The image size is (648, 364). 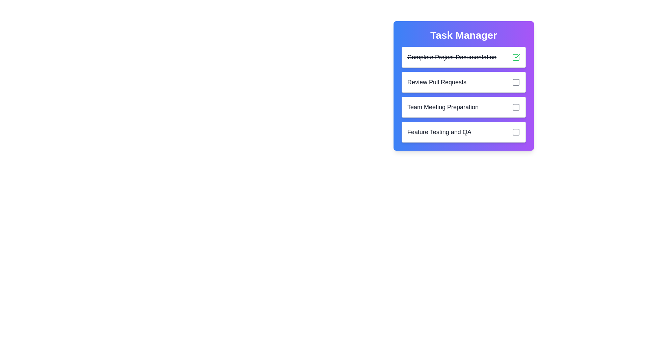 What do you see at coordinates (463, 82) in the screenshot?
I see `task title 'Review Pull Requests' from the second task item in the 'Task Manager' panel, which is located below 'Complete Project Documentation' and above 'Team Meeting Preparation'` at bounding box center [463, 82].